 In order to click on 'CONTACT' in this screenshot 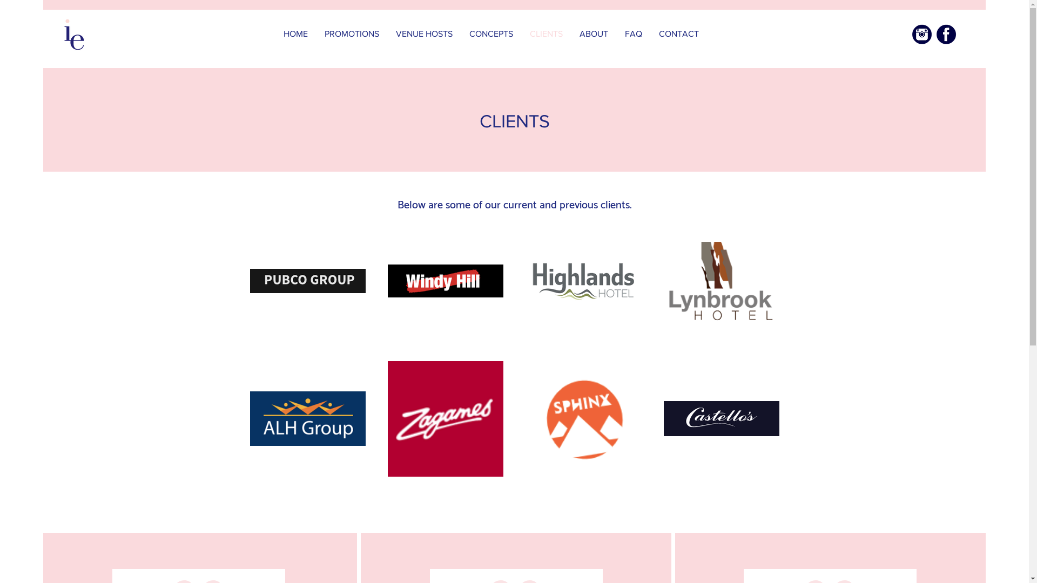, I will do `click(678, 33)`.